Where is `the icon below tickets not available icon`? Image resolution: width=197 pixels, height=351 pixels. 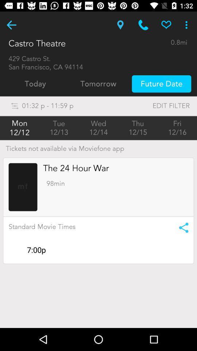
the icon below tickets not available icon is located at coordinates (23, 186).